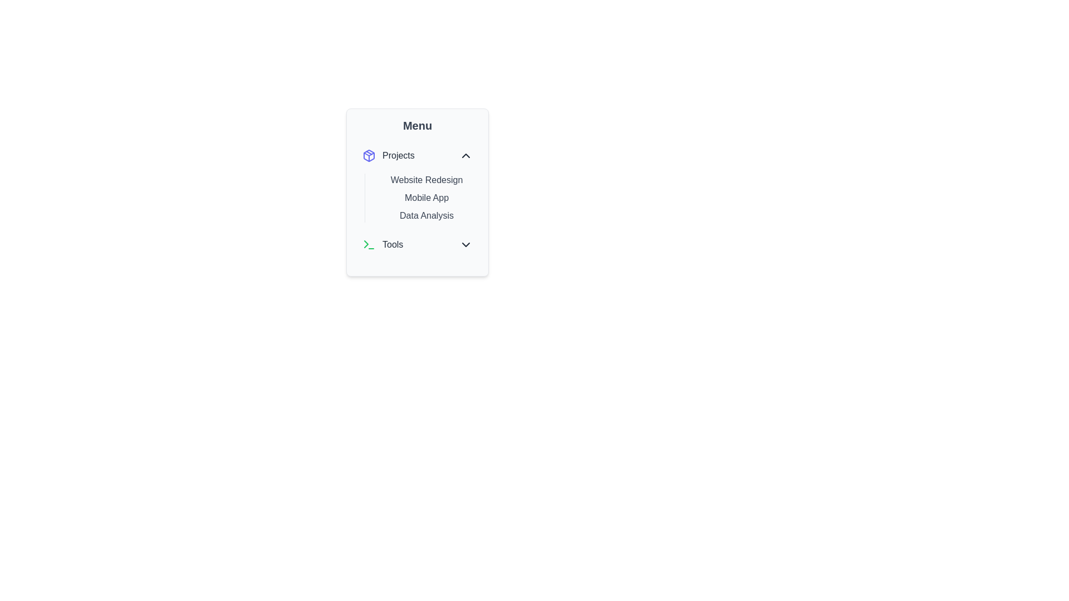 The width and height of the screenshot is (1069, 601). I want to click on the 'Data Analysis' text-based link, which is the third option in the vertical list under the 'Projects' section, so click(426, 216).